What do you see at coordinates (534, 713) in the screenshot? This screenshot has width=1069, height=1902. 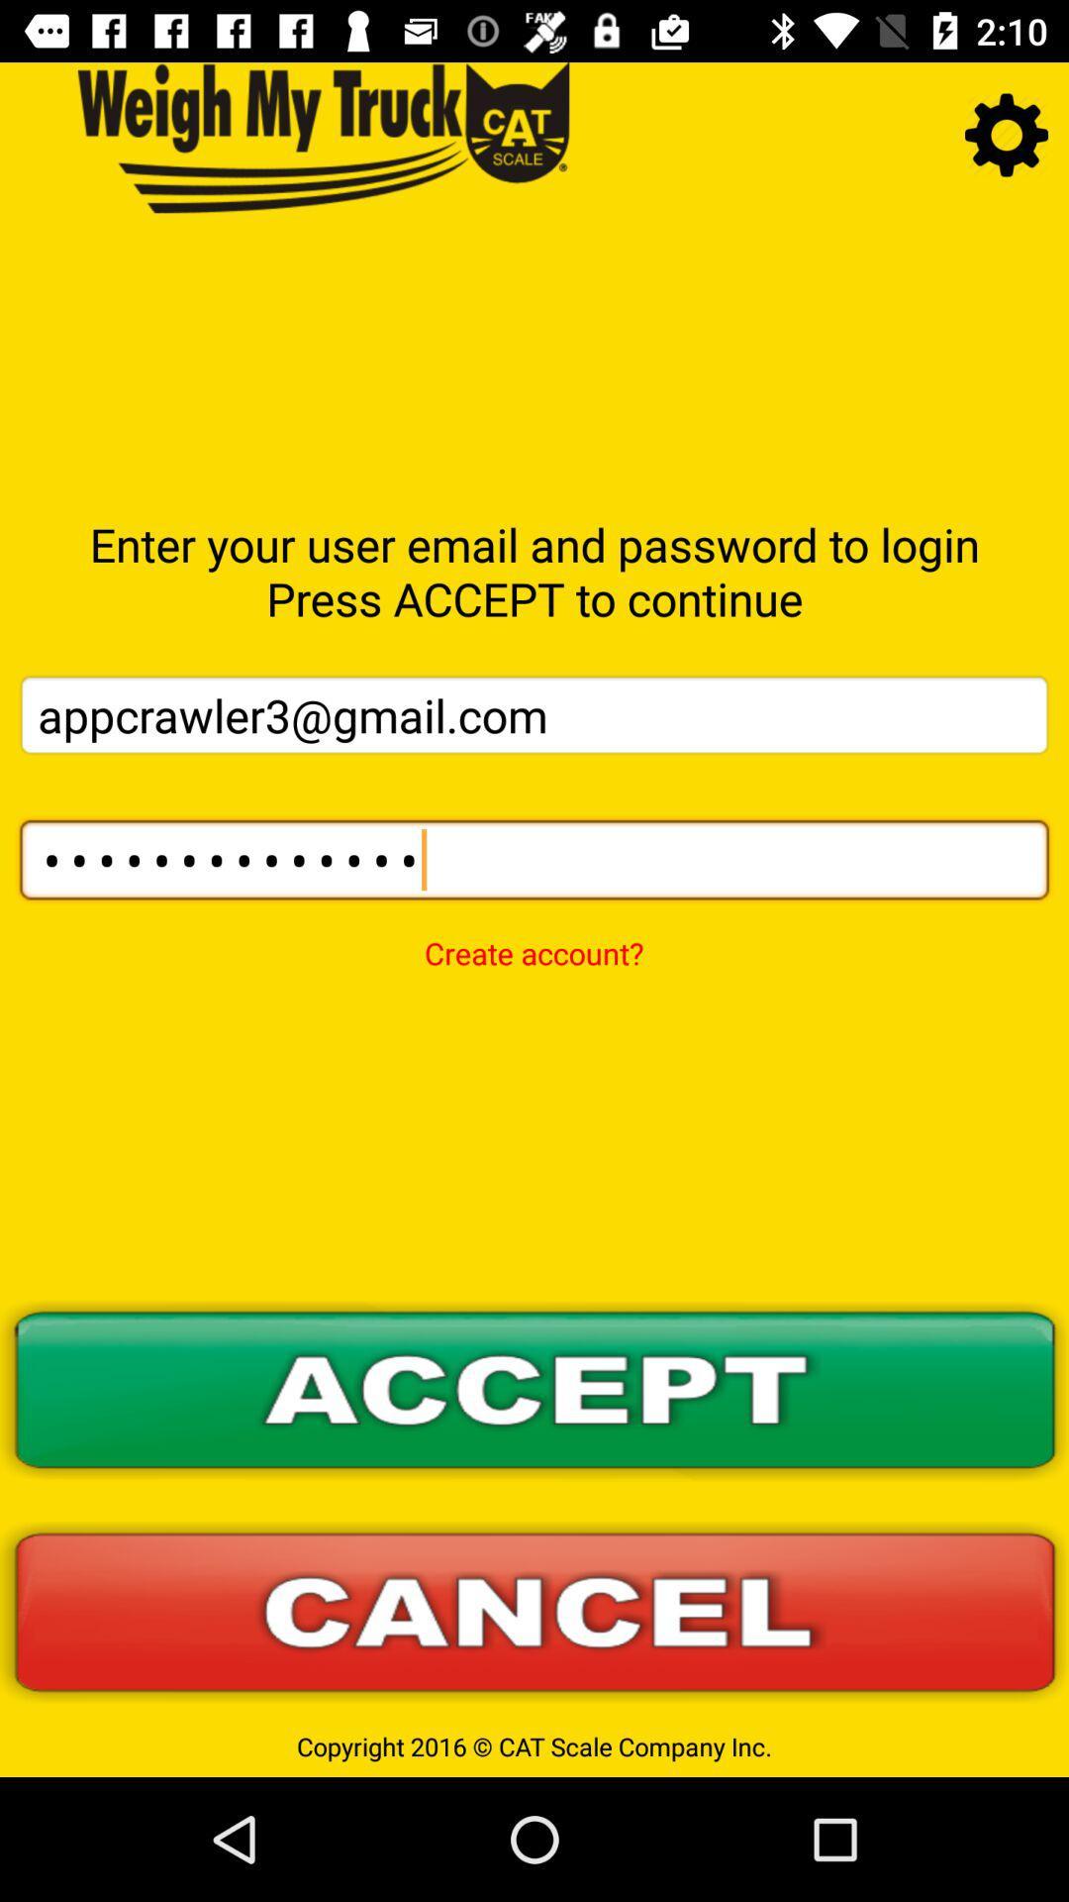 I see `appcrawler3@gmail.com icon` at bounding box center [534, 713].